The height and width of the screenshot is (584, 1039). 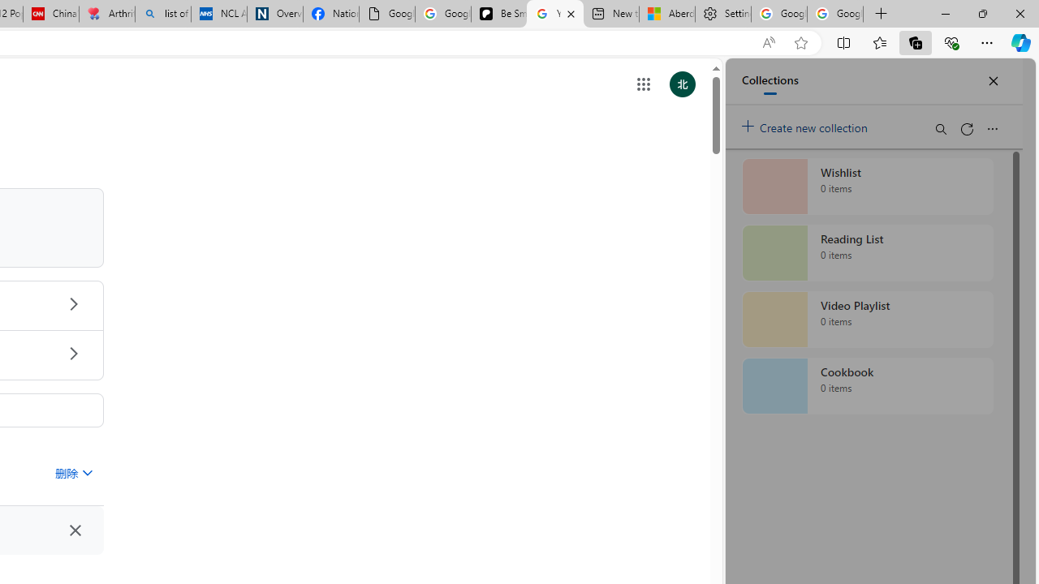 I want to click on 'Class: asE2Ub NMm5M', so click(x=86, y=472).